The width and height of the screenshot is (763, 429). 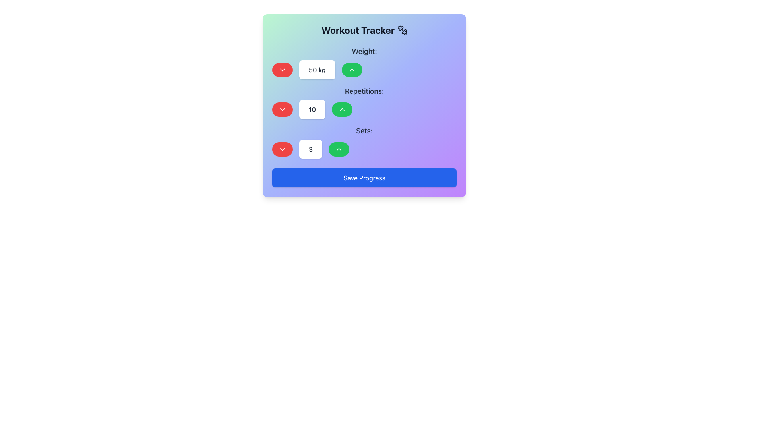 I want to click on the text label displaying 'Repetitions:' which is positioned centrally in the interface under the weight input and above the repetitions input, so click(x=364, y=91).